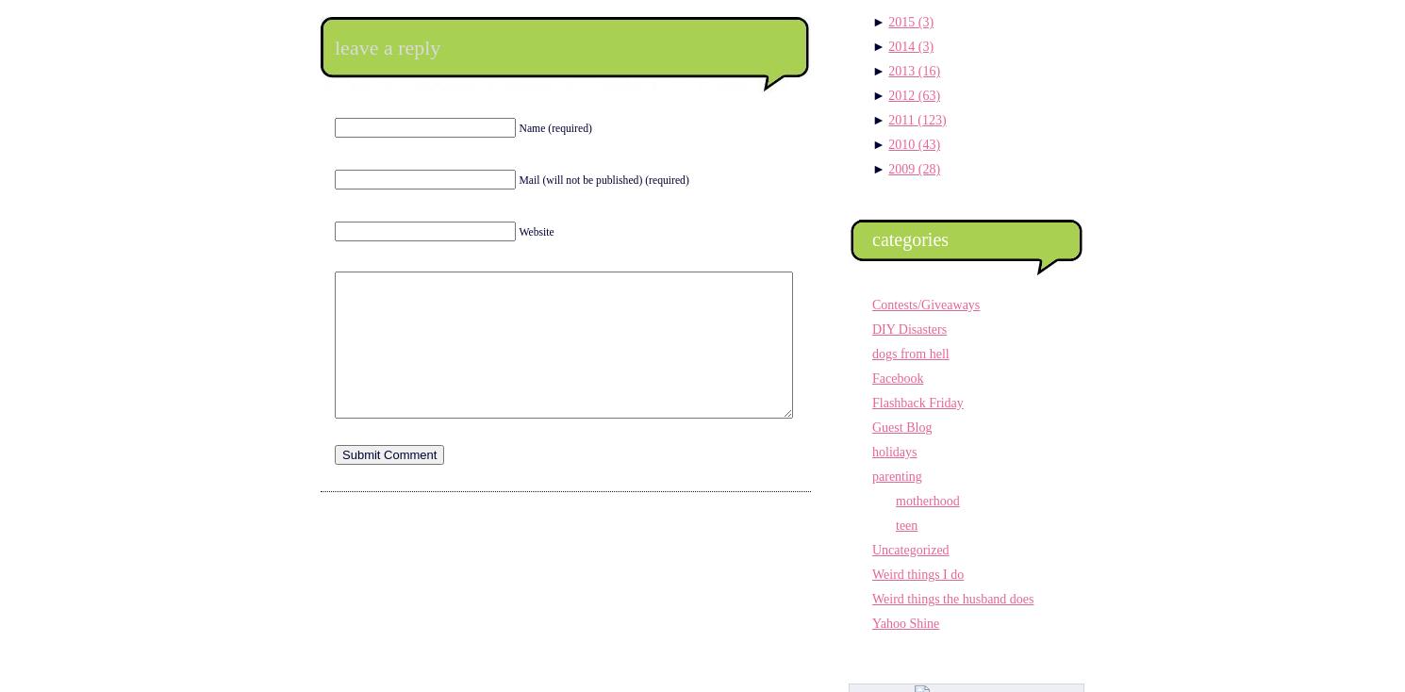 This screenshot has height=692, width=1405. I want to click on 'Website', so click(517, 231).